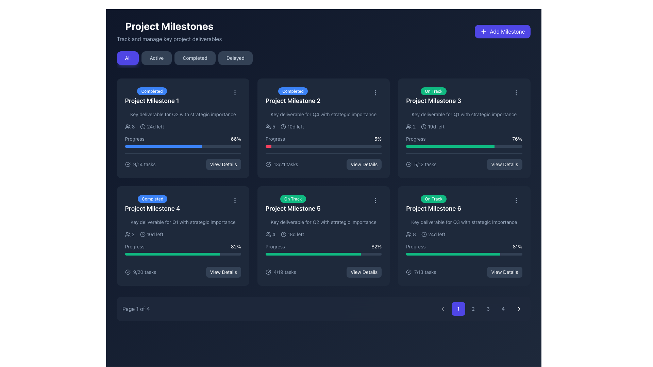 The height and width of the screenshot is (367, 653). Describe the element at coordinates (323, 96) in the screenshot. I see `and comprehend the status ('Completed') and name ('Project Milestone 2') of the milestone displayed in the top left section of the second card in the first row` at that location.